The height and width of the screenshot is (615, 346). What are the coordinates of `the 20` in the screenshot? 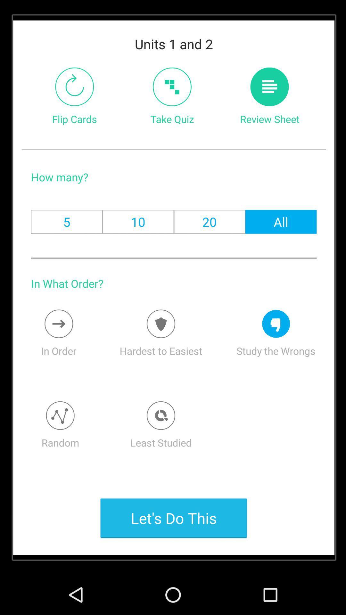 It's located at (210, 222).